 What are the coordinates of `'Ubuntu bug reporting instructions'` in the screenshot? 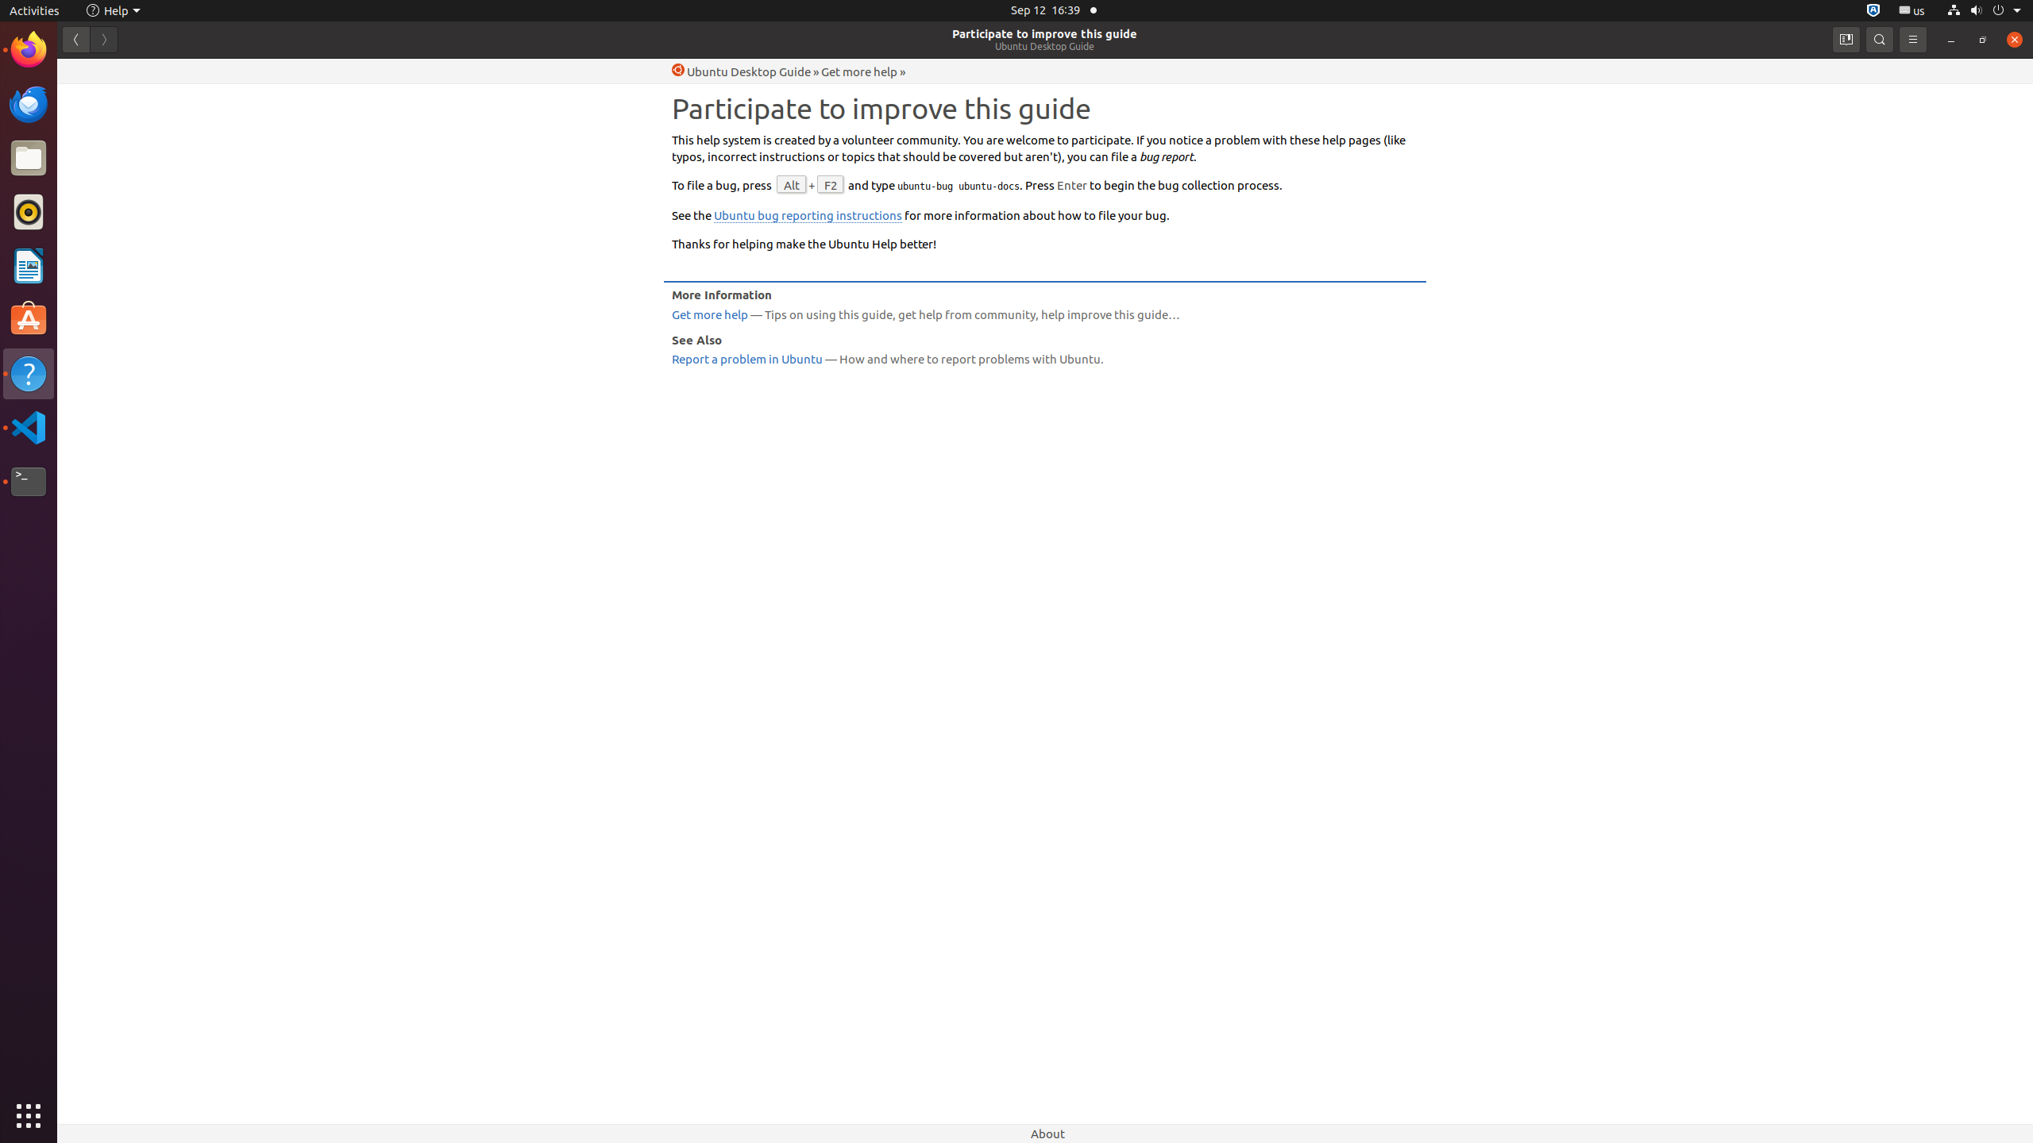 It's located at (807, 215).